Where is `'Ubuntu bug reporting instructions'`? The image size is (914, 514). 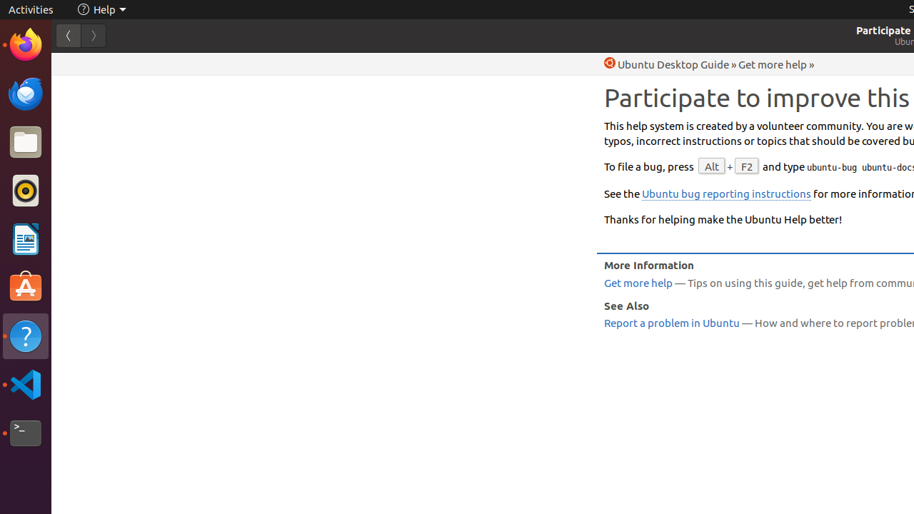 'Ubuntu bug reporting instructions' is located at coordinates (726, 193).